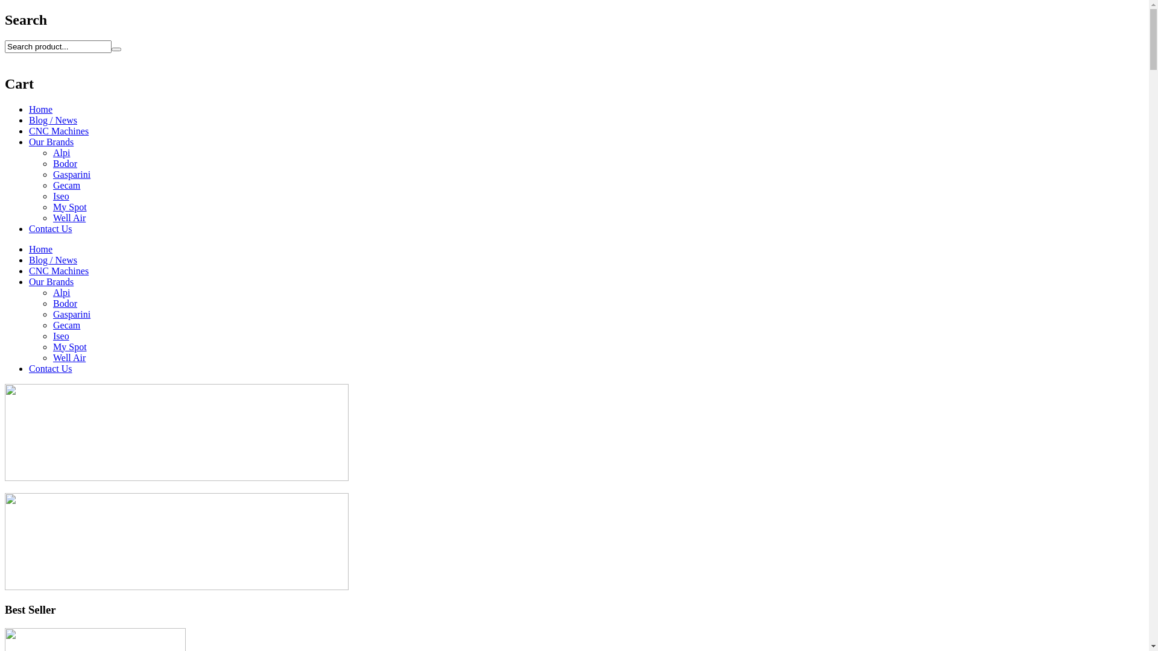 This screenshot has width=1158, height=651. I want to click on 'Blog / News', so click(52, 259).